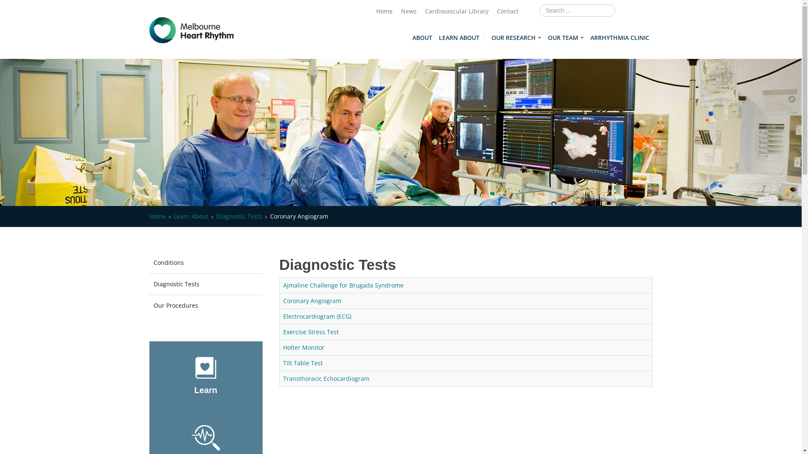 Image resolution: width=808 pixels, height=454 pixels. Describe the element at coordinates (435, 37) in the screenshot. I see `'LEARN ABOUT'` at that location.